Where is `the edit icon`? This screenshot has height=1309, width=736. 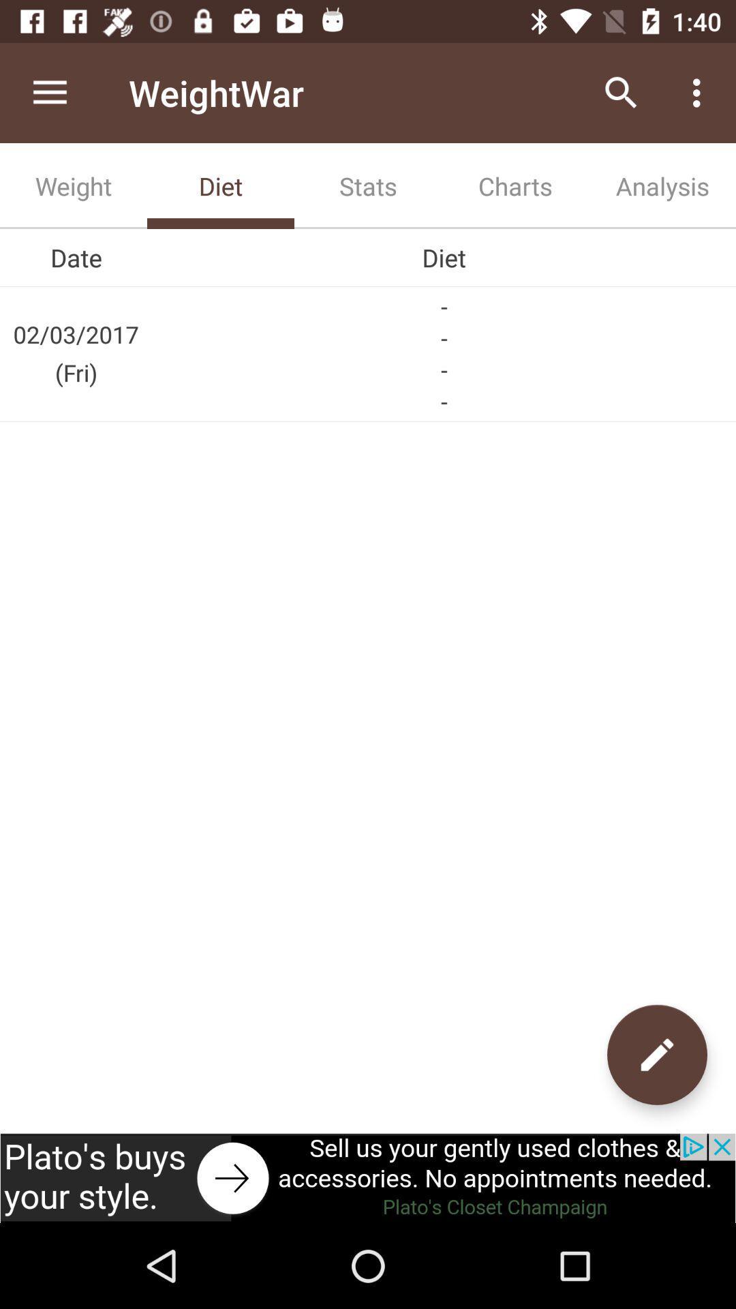 the edit icon is located at coordinates (656, 1054).